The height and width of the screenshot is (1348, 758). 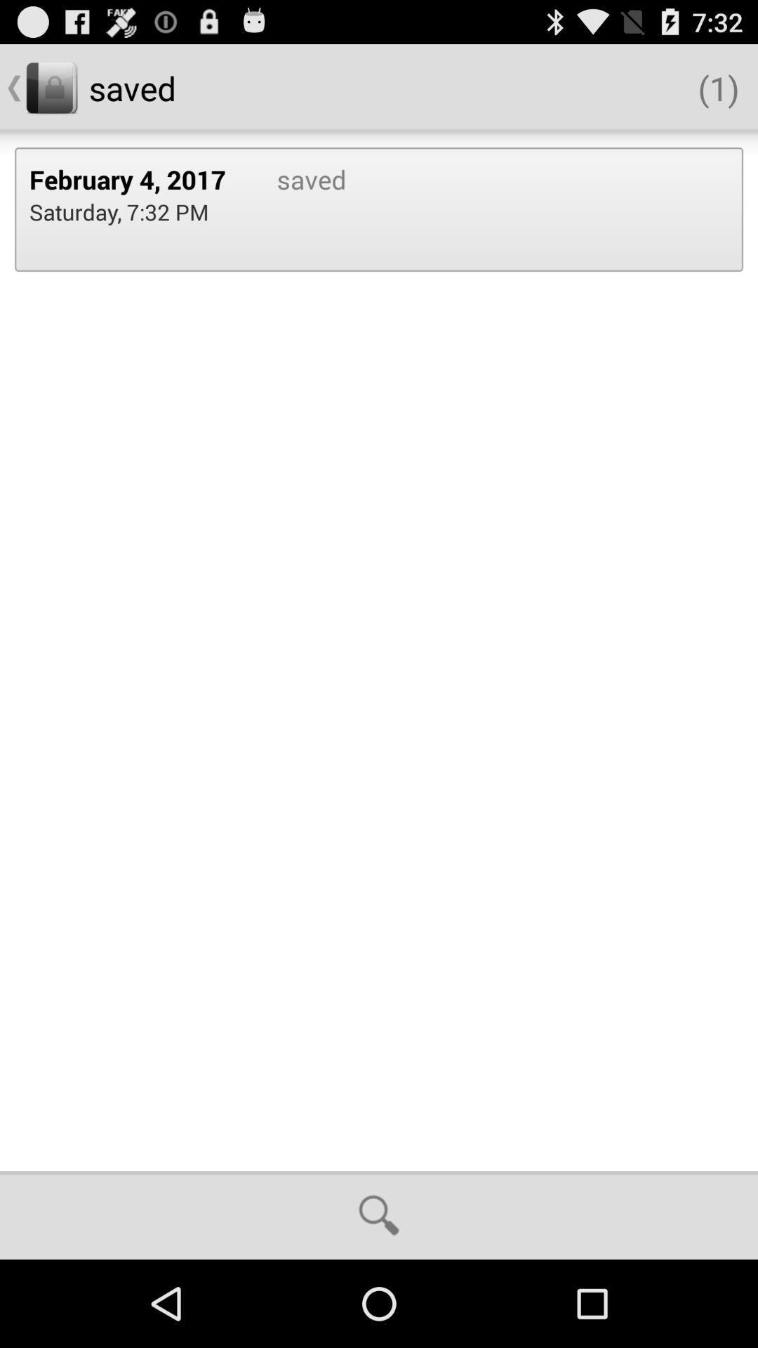 I want to click on icon above the saturday 7 32 app, so click(x=138, y=178).